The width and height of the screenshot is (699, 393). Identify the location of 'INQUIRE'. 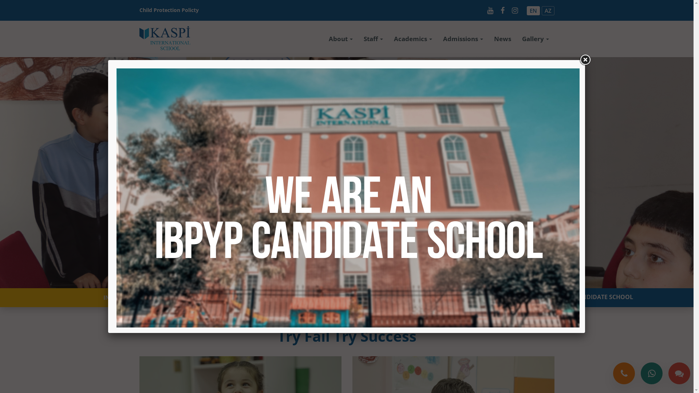
(115, 297).